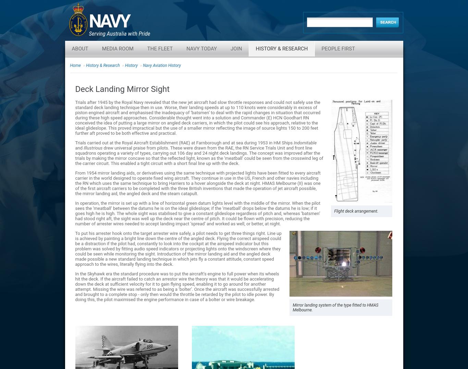 The width and height of the screenshot is (468, 369). Describe the element at coordinates (74, 178) in the screenshot. I see `'From 1954 mirror landing aids, or derivatives using the same technique with projected lights have been fitted to every aircraft carrier in the world designed to operate fixed wing aircraft. They continue in use in the US, French and other navies including the RN which uses the same technique to bring Harriers to a hover alongside the deck at night. HMAS'` at that location.